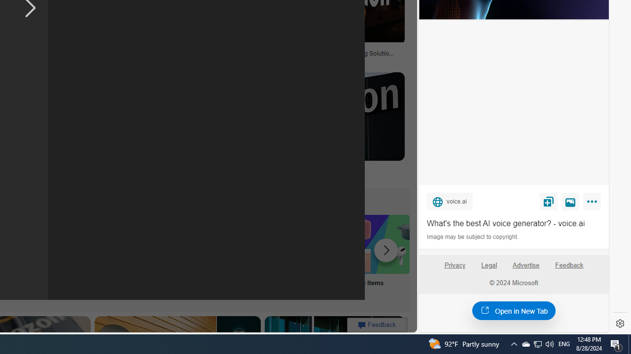 This screenshot has height=354, width=631. What do you see at coordinates (454, 269) in the screenshot?
I see `'Privacy'` at bounding box center [454, 269].